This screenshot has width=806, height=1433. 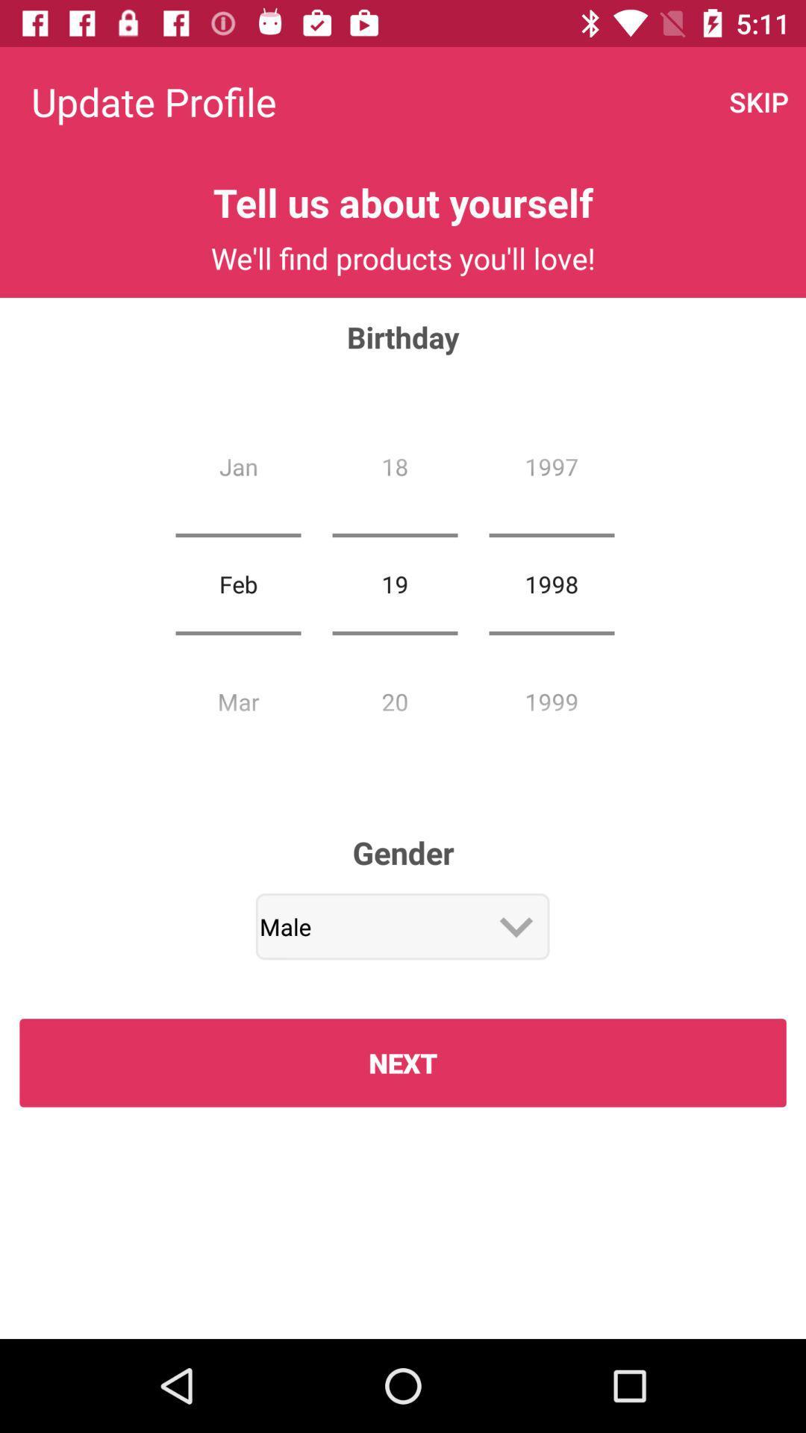 I want to click on the icon next to the 19 item, so click(x=237, y=583).